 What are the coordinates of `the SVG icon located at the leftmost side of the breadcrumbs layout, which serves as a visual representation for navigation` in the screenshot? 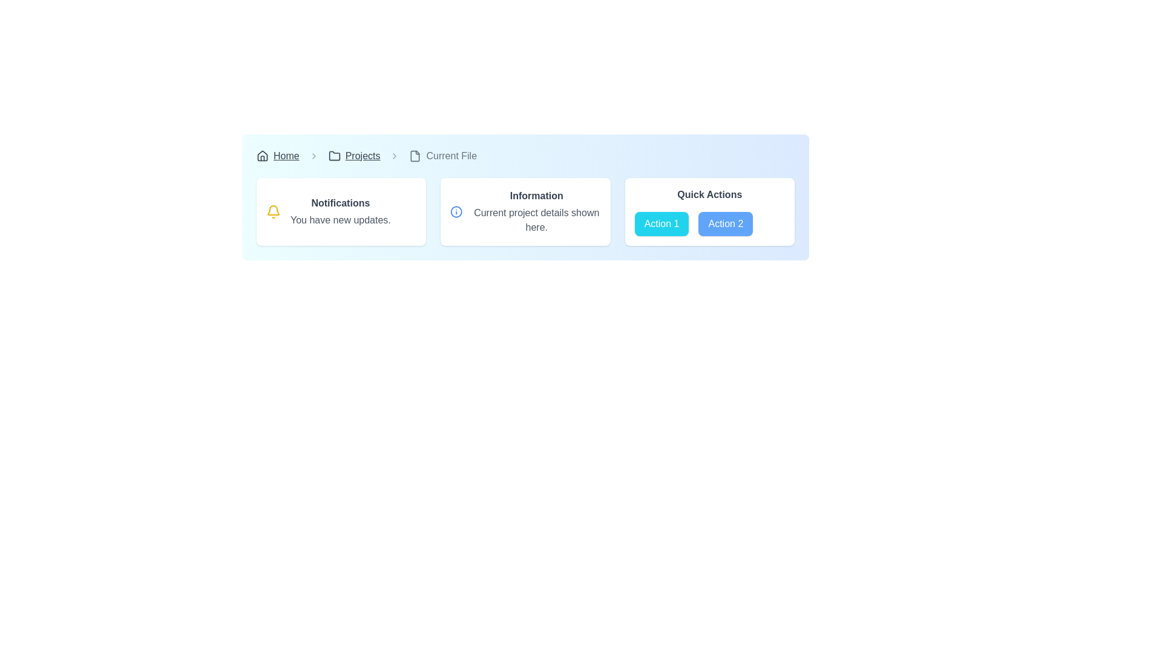 It's located at (261, 156).